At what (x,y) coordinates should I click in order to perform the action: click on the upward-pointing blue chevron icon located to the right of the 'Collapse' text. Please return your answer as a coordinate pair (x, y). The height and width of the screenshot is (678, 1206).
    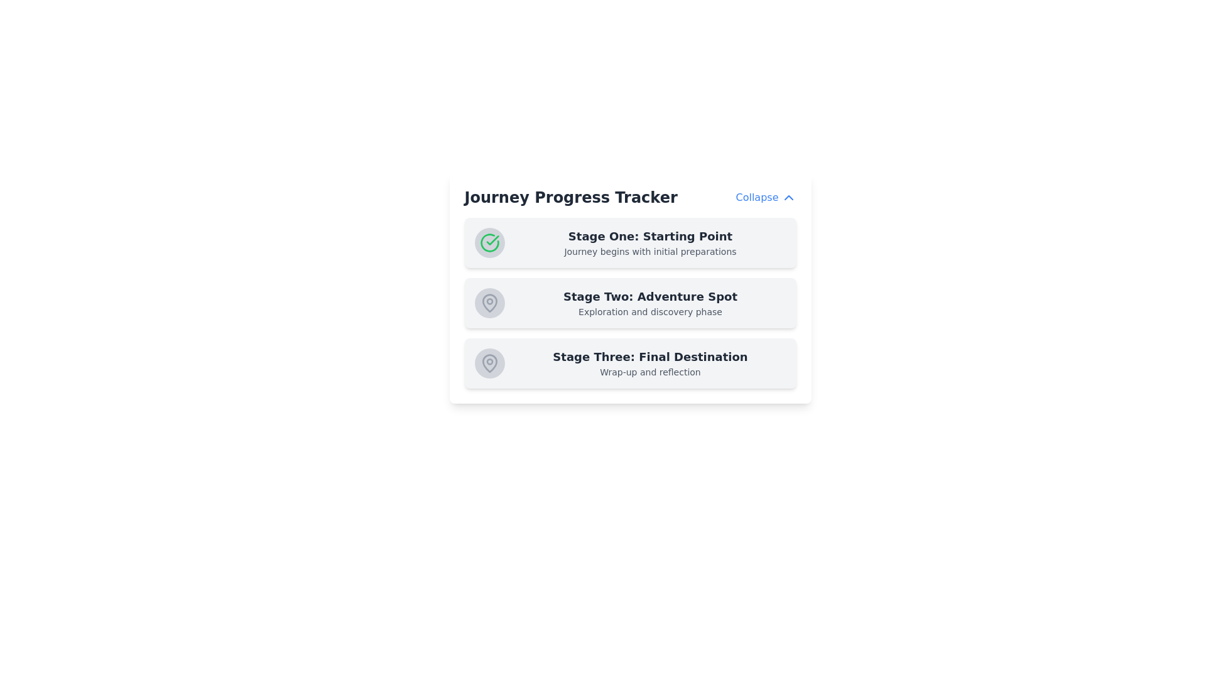
    Looking at the image, I should click on (788, 198).